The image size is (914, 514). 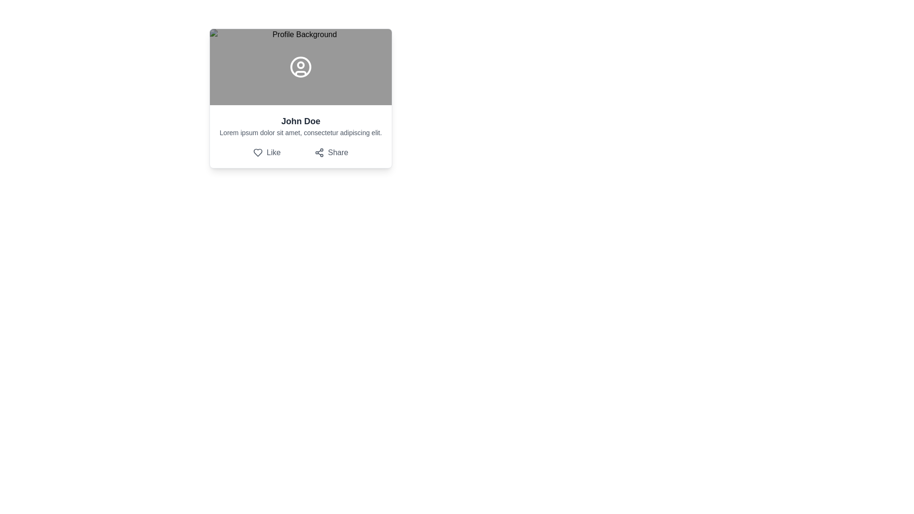 What do you see at coordinates (300, 120) in the screenshot?
I see `the text label displaying 'John Doe' which is the title of the content card, prominently positioned in a larger and bold font` at bounding box center [300, 120].